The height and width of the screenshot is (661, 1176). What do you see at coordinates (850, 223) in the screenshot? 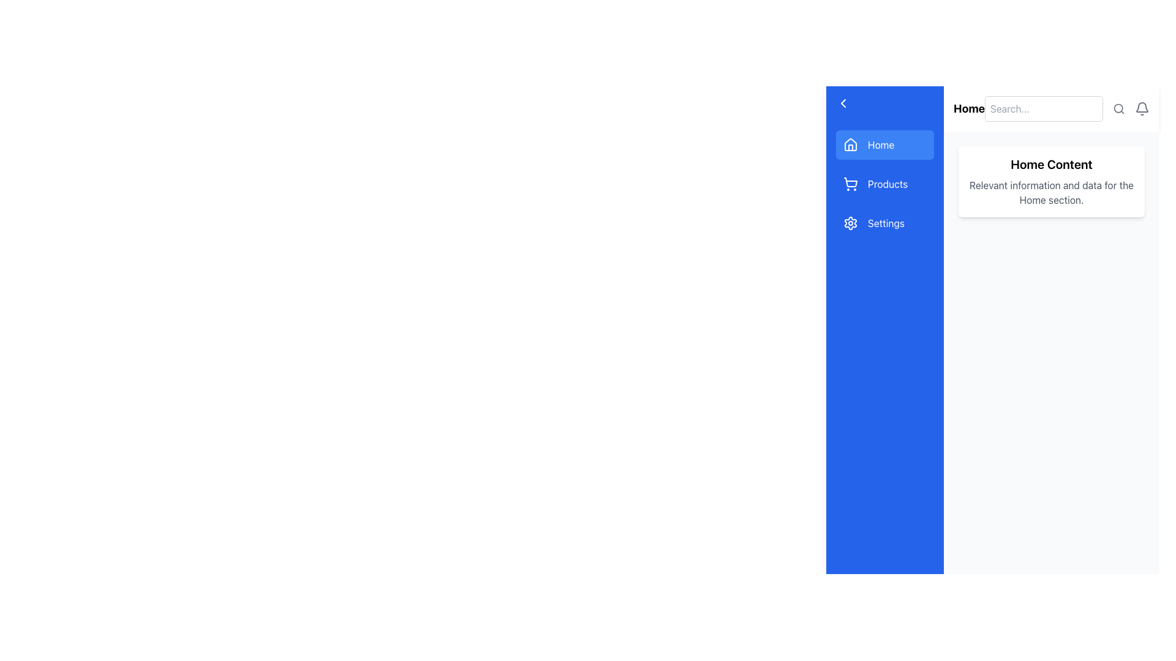
I see `the settings icon, which resembles a cogwheel with a white outline on a blue background, located in the left panel of the interface` at bounding box center [850, 223].